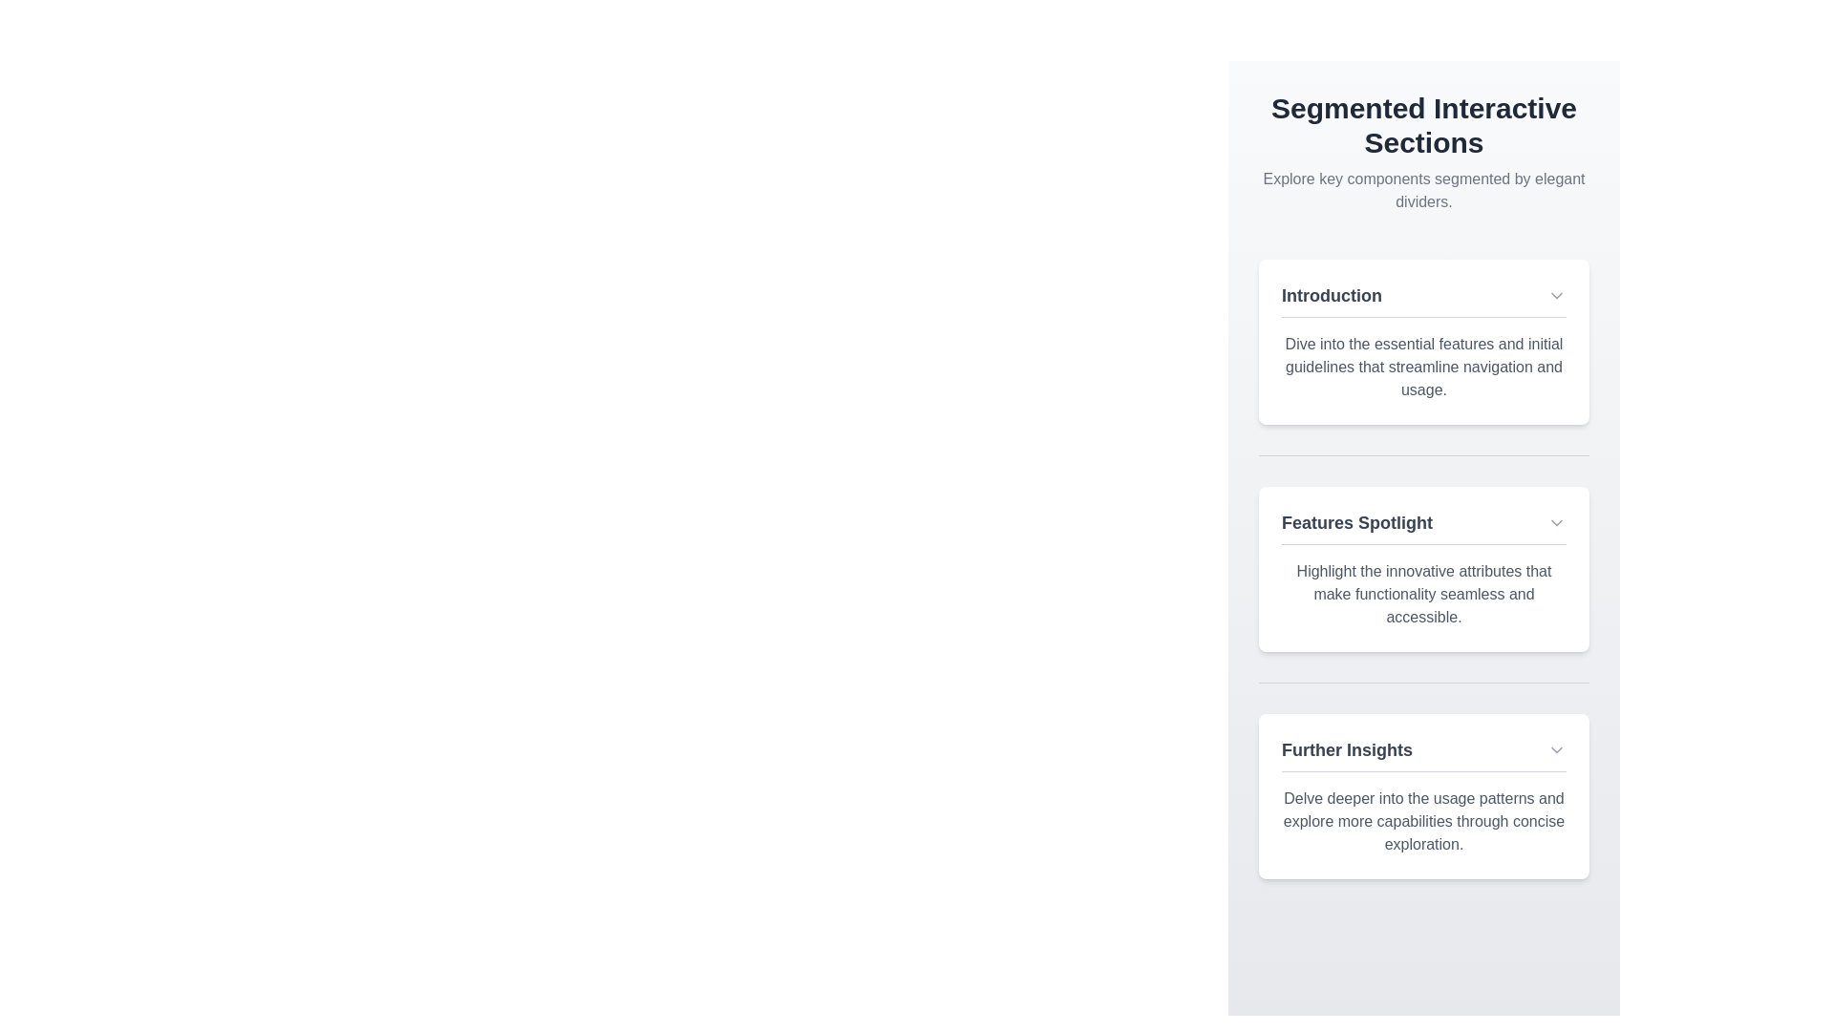 This screenshot has width=1834, height=1031. I want to click on the Text Label that serves as a title and introductory description for the segmented sections, positioned at the top of the layout above 'Introduction,' 'Features Spotlight,' and 'Further Insights.', so click(1424, 151).